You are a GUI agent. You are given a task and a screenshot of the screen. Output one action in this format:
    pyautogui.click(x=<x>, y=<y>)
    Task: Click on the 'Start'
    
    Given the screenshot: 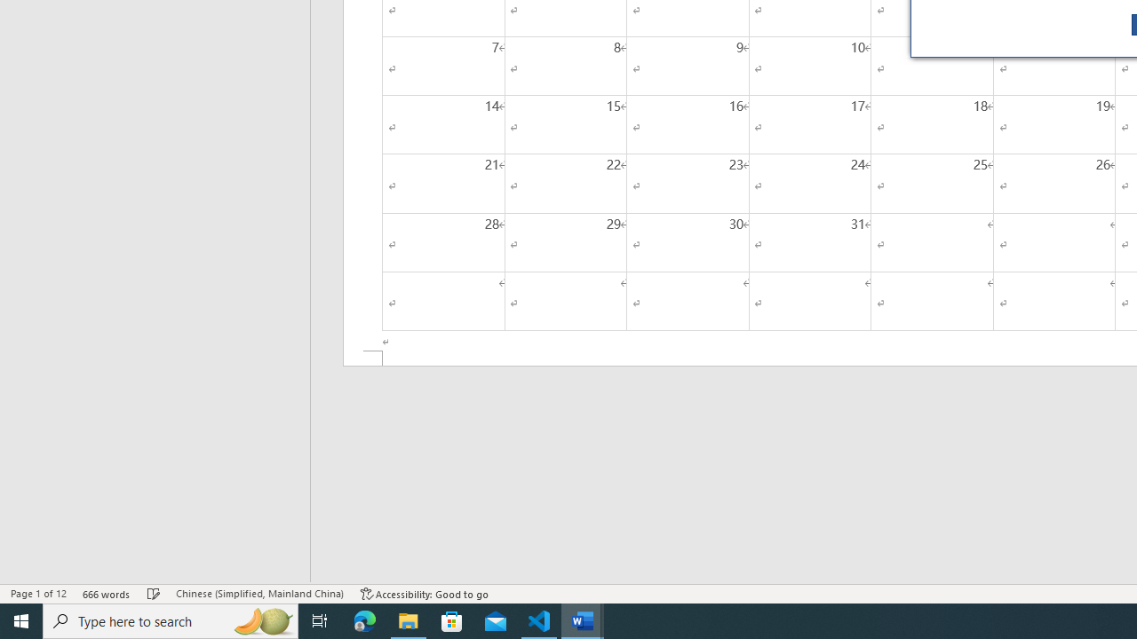 What is the action you would take?
    pyautogui.click(x=21, y=619)
    